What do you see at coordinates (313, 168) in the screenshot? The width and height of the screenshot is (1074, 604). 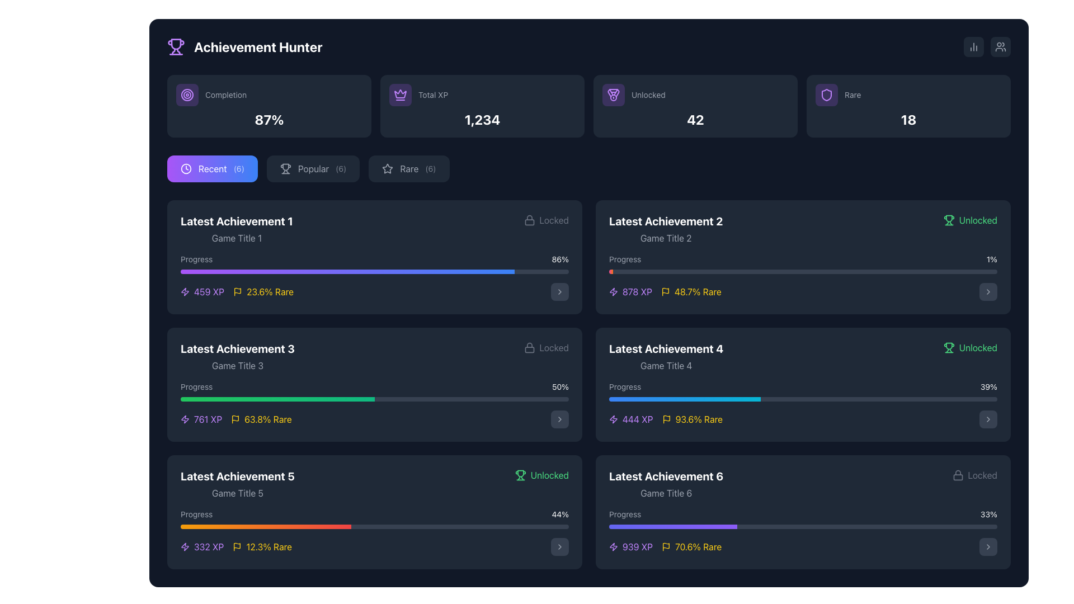 I see `the 'Popular (6)' button with a dark background and trophy icon to filter items` at bounding box center [313, 168].